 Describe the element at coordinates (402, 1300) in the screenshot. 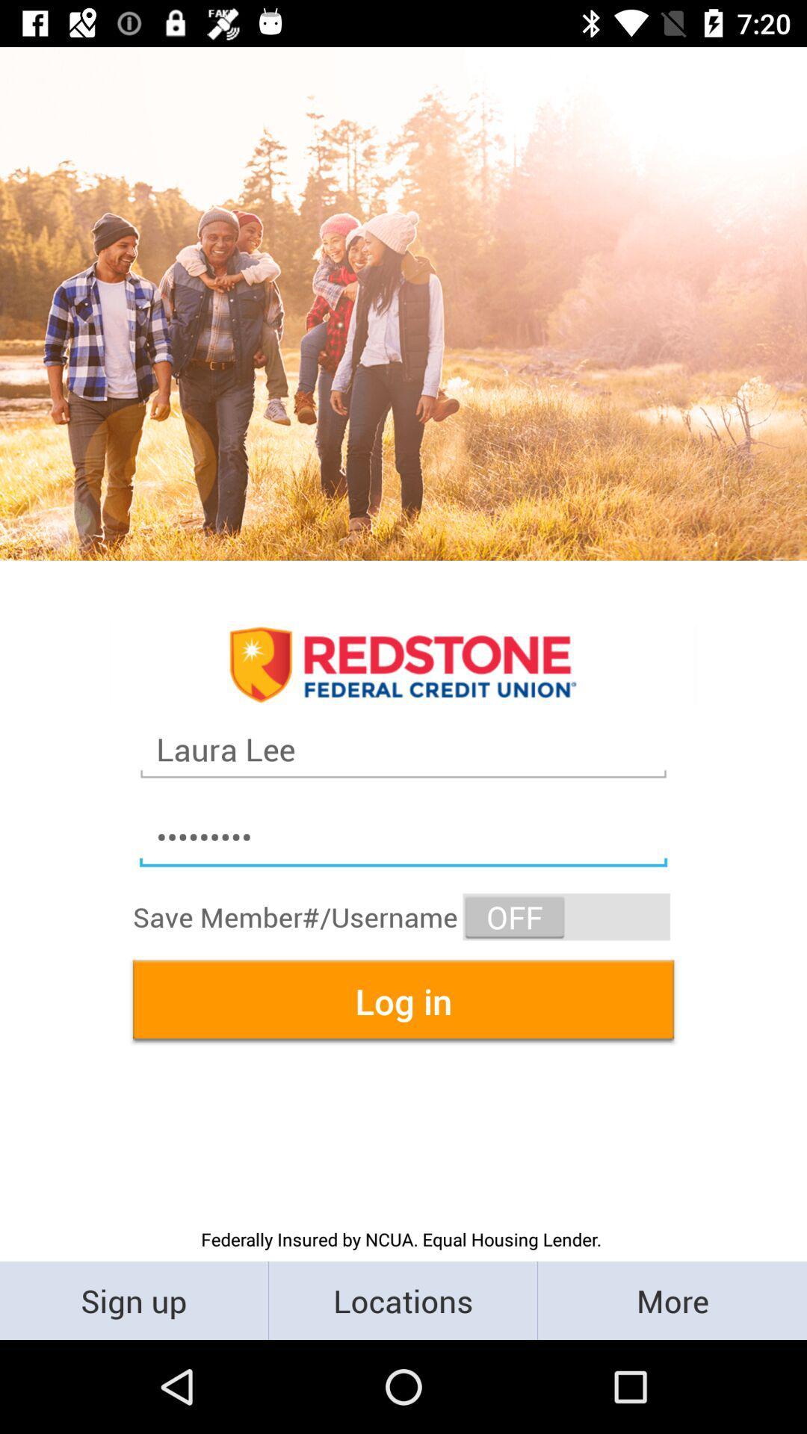

I see `the locations item` at that location.